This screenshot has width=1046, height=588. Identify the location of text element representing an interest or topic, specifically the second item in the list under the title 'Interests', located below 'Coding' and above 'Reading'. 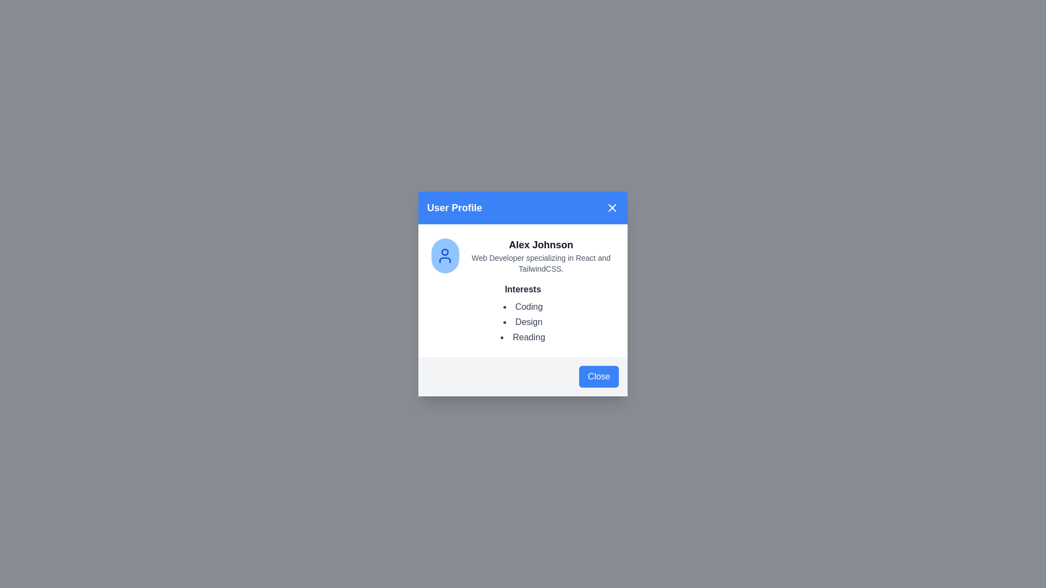
(523, 321).